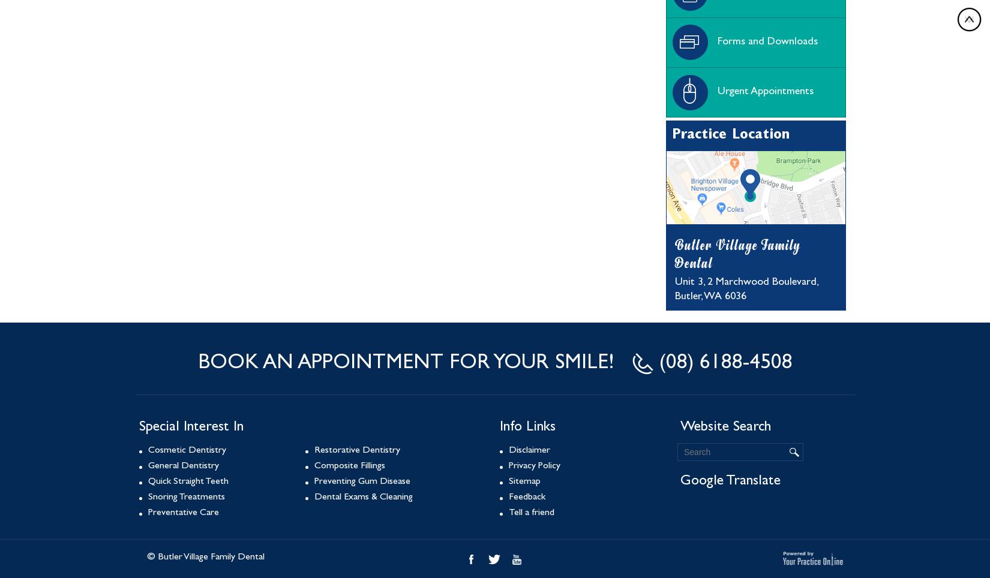  What do you see at coordinates (527, 428) in the screenshot?
I see `'Info Links'` at bounding box center [527, 428].